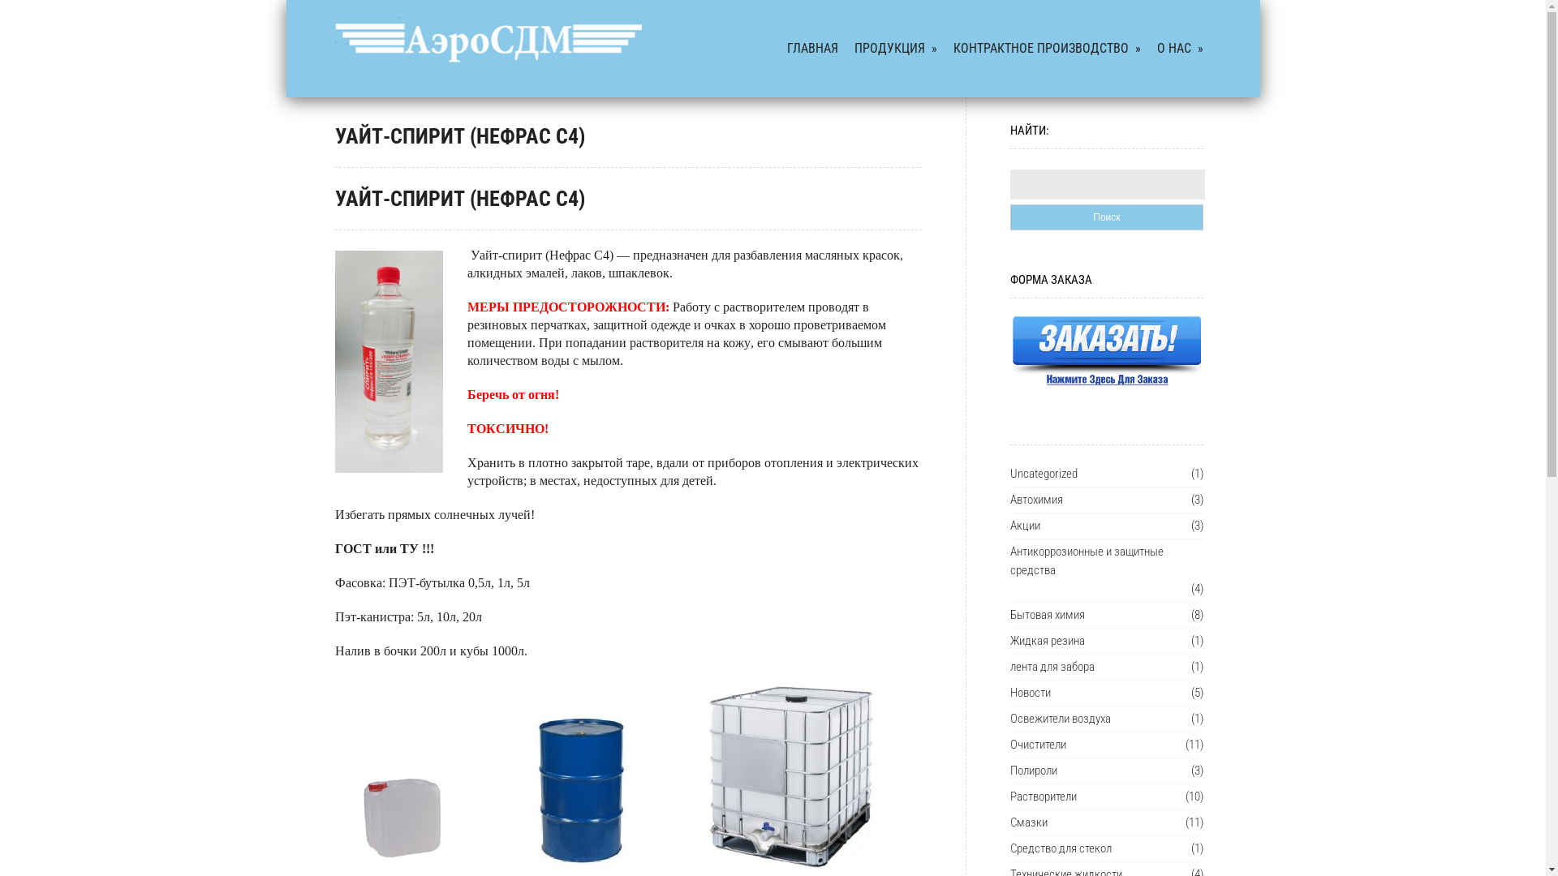 This screenshot has width=1558, height=876. I want to click on 'Uncategorized', so click(1044, 474).